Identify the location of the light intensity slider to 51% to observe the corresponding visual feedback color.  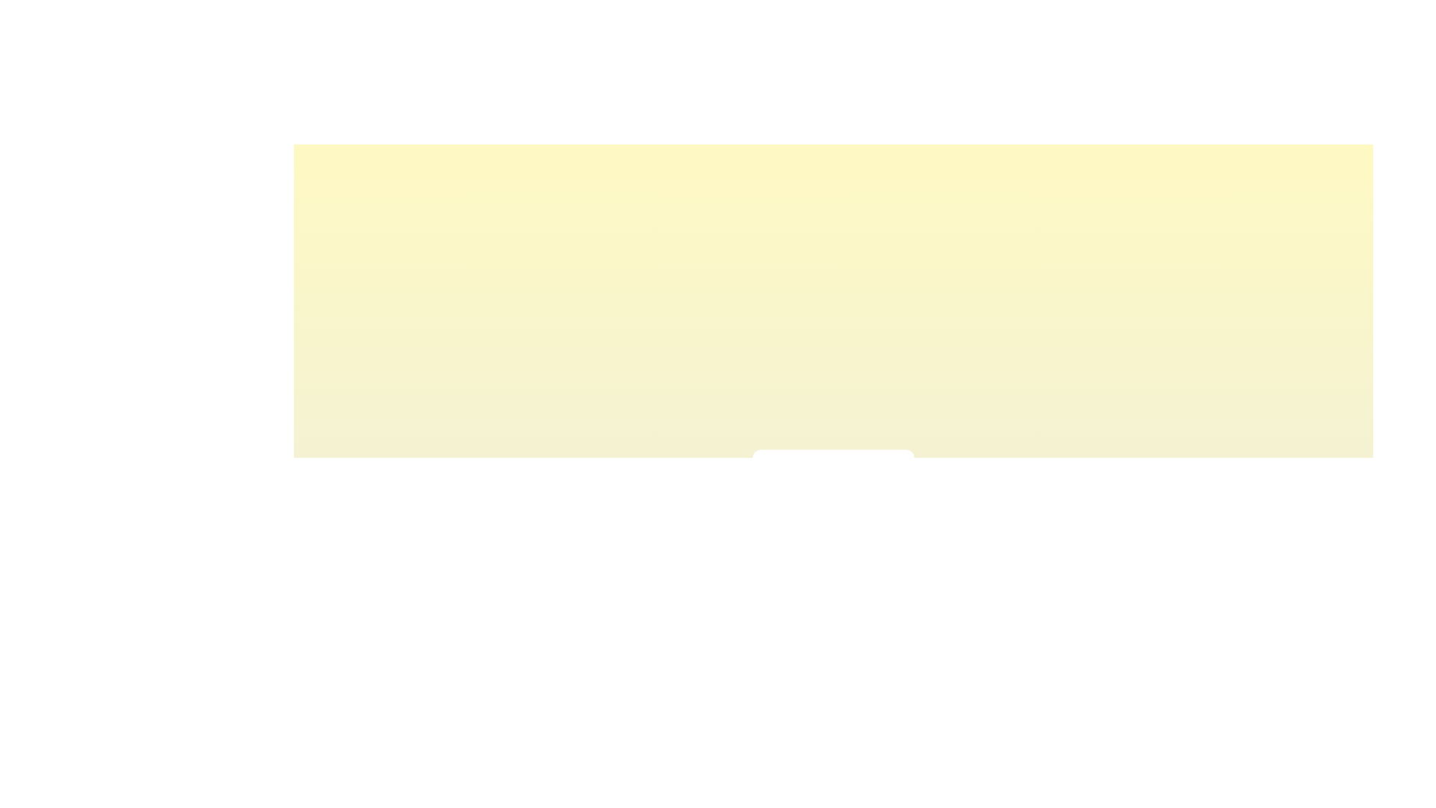
(834, 506).